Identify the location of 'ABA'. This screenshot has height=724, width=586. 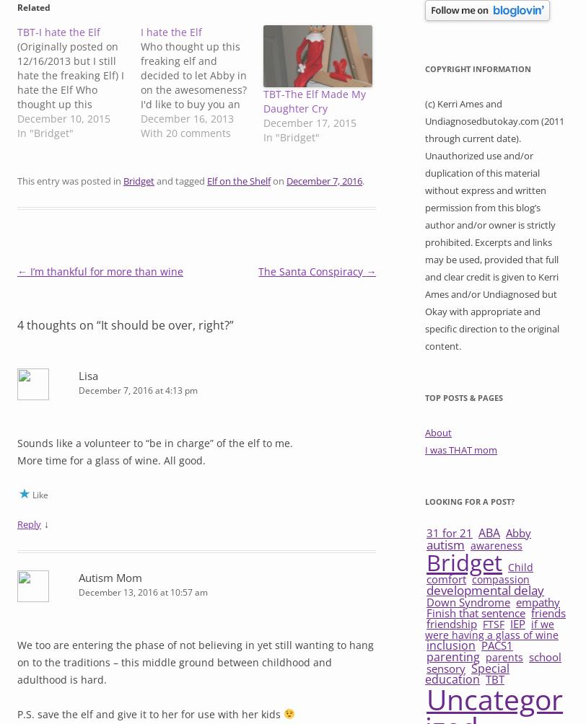
(489, 532).